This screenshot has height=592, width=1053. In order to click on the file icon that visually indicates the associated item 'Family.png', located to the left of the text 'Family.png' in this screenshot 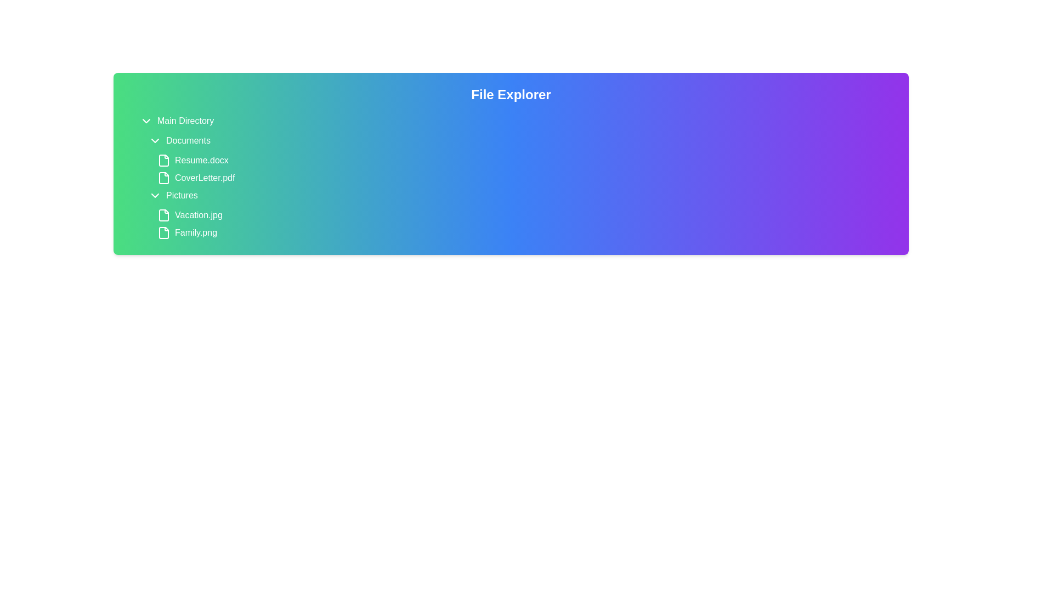, I will do `click(163, 232)`.